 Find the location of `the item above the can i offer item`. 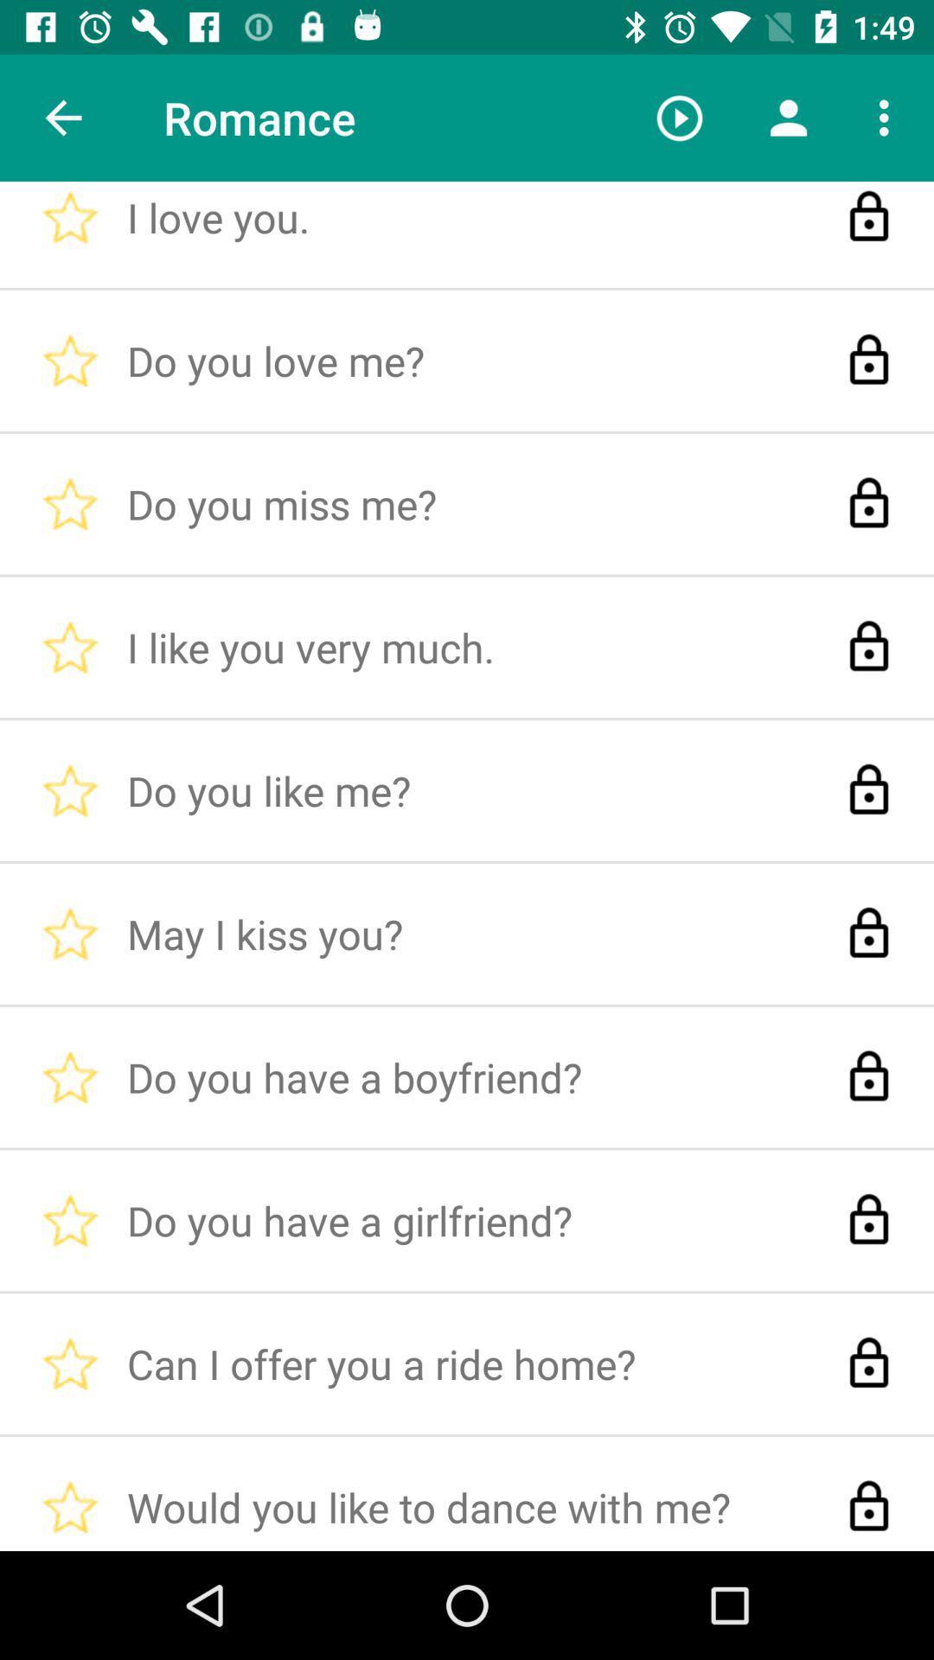

the item above the can i offer item is located at coordinates (679, 117).